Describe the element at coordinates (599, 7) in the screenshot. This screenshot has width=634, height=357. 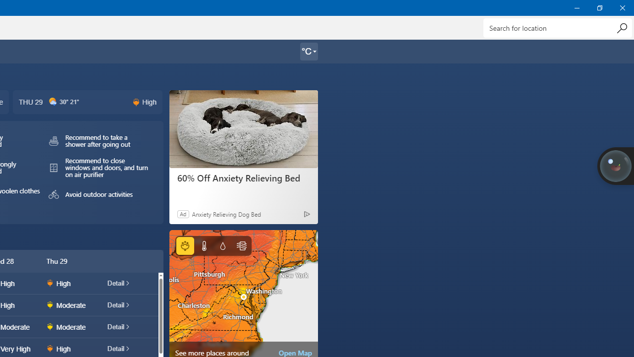
I see `'Restore Weather'` at that location.